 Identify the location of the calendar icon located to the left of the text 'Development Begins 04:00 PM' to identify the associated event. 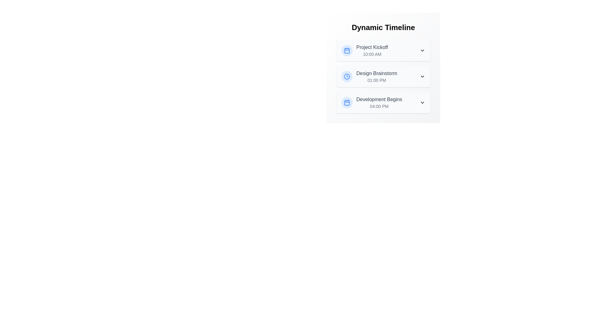
(347, 102).